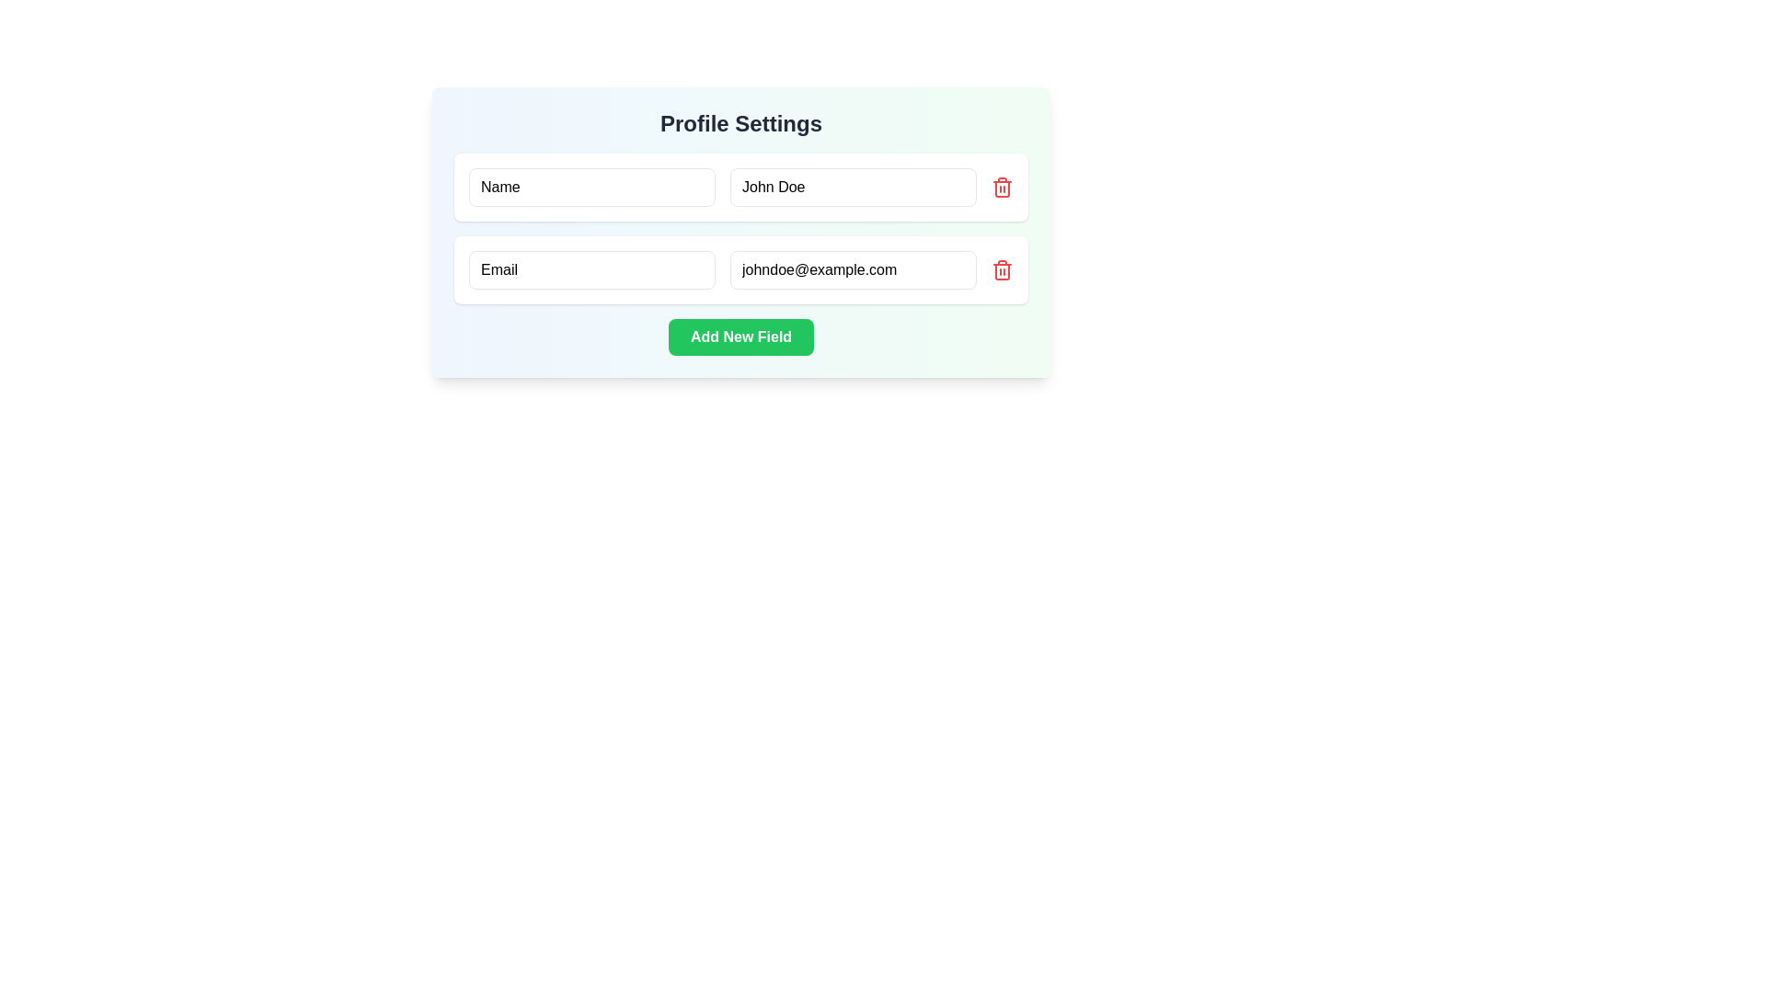 The width and height of the screenshot is (1766, 993). What do you see at coordinates (741, 269) in the screenshot?
I see `the editable email input field represented by the Composite element located below the 'Name: John Doe' element` at bounding box center [741, 269].